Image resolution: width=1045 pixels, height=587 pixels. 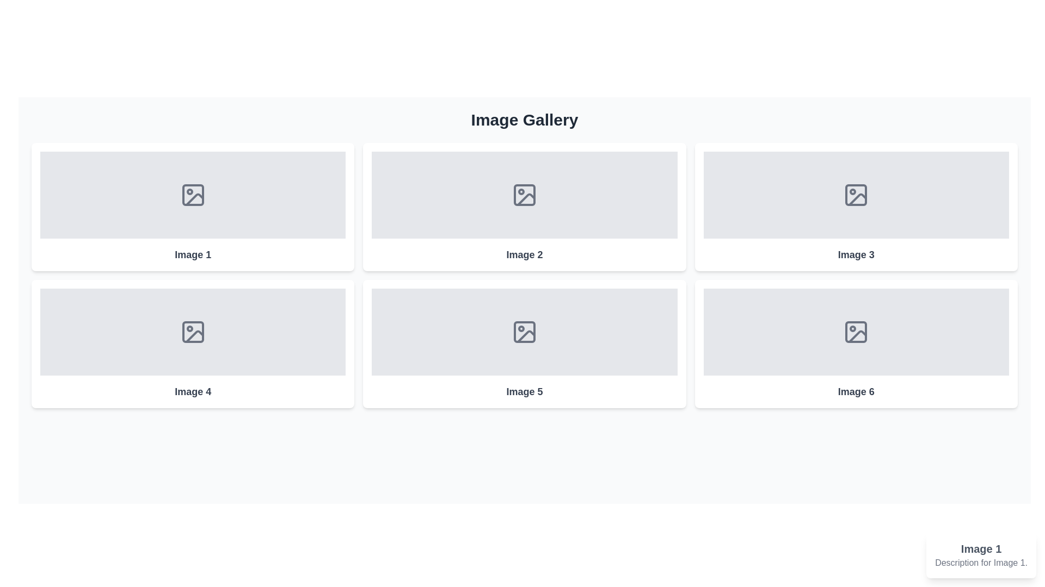 What do you see at coordinates (981, 555) in the screenshot?
I see `the Informational Card located at the bottom-right corner of the interface, which serves as a detached informational panel for the displayed image` at bounding box center [981, 555].